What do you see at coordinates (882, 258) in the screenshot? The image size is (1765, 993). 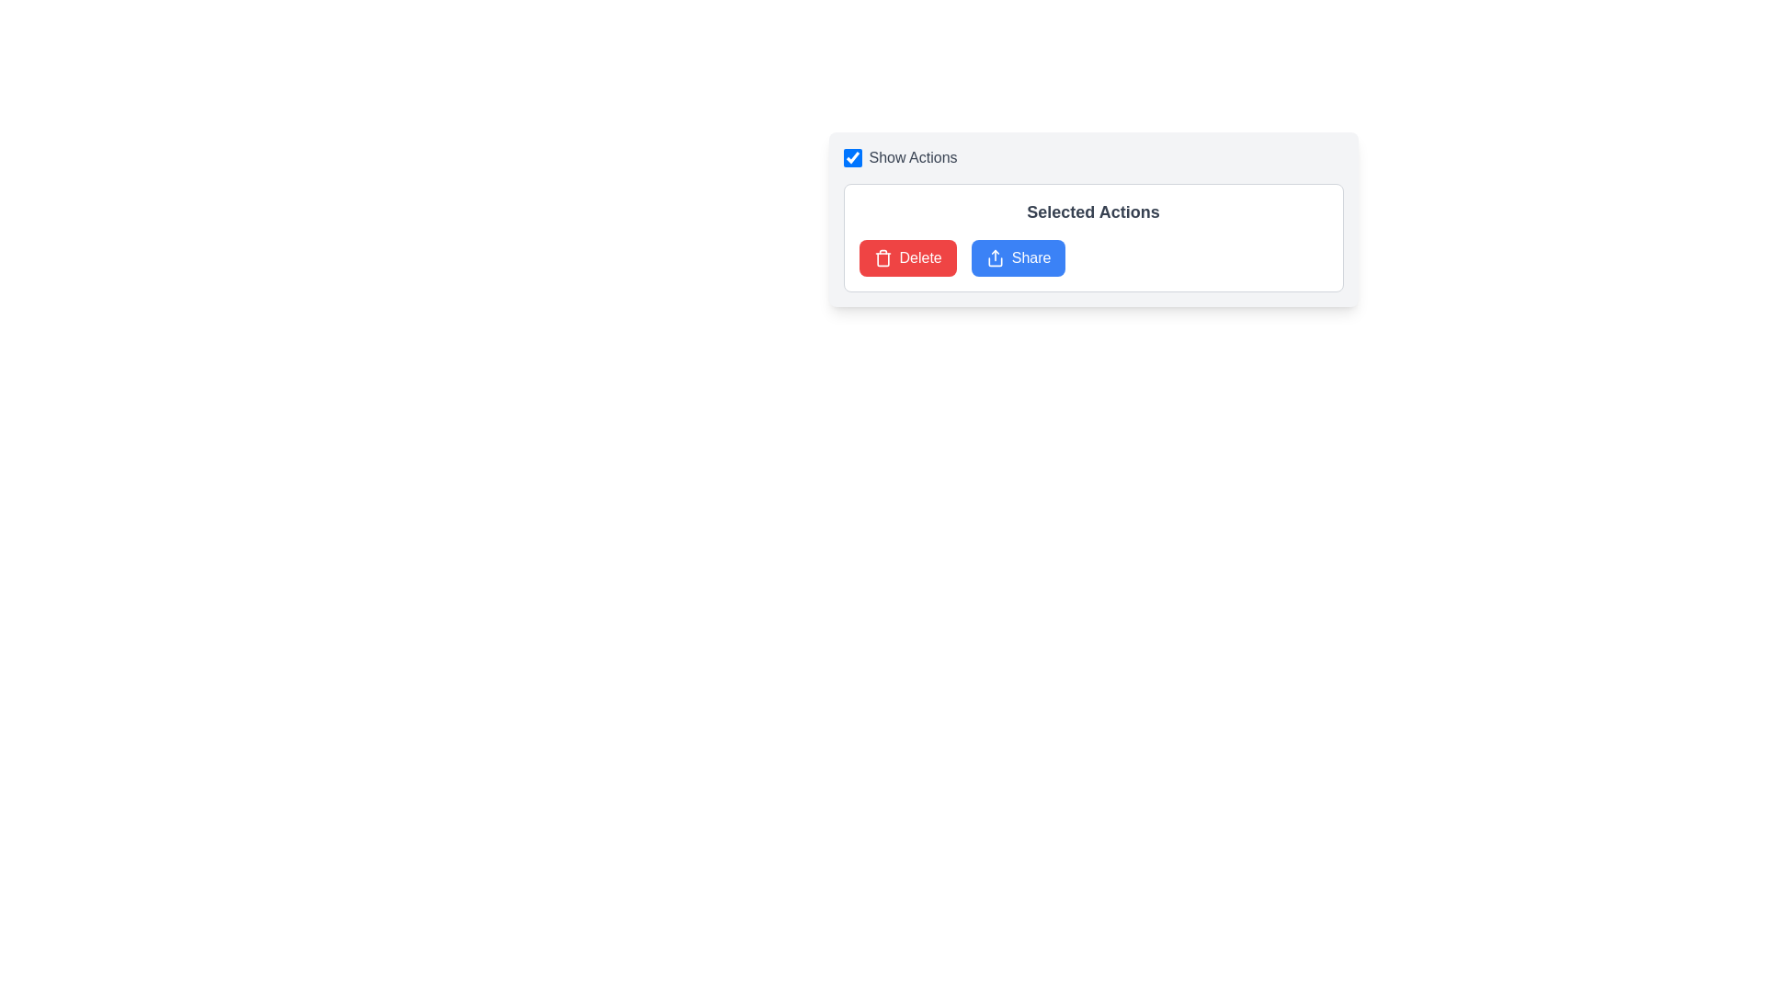 I see `the delete icon located to the left of the 'Delete' text within the 'Delete' button in the 'Selected Actions' section` at bounding box center [882, 258].